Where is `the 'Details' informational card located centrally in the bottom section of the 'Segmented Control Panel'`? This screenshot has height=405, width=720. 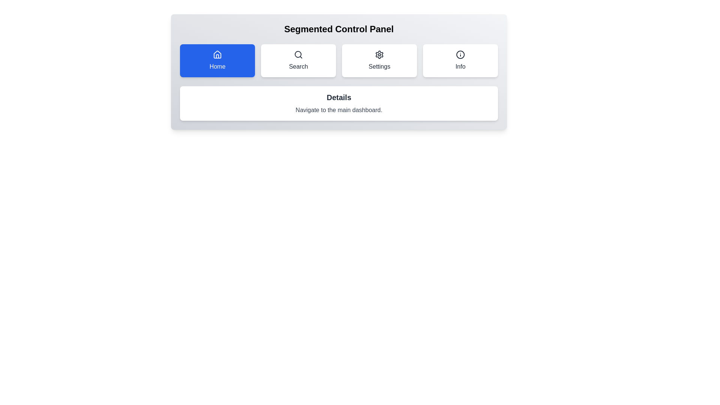
the 'Details' informational card located centrally in the bottom section of the 'Segmented Control Panel' is located at coordinates (338, 103).